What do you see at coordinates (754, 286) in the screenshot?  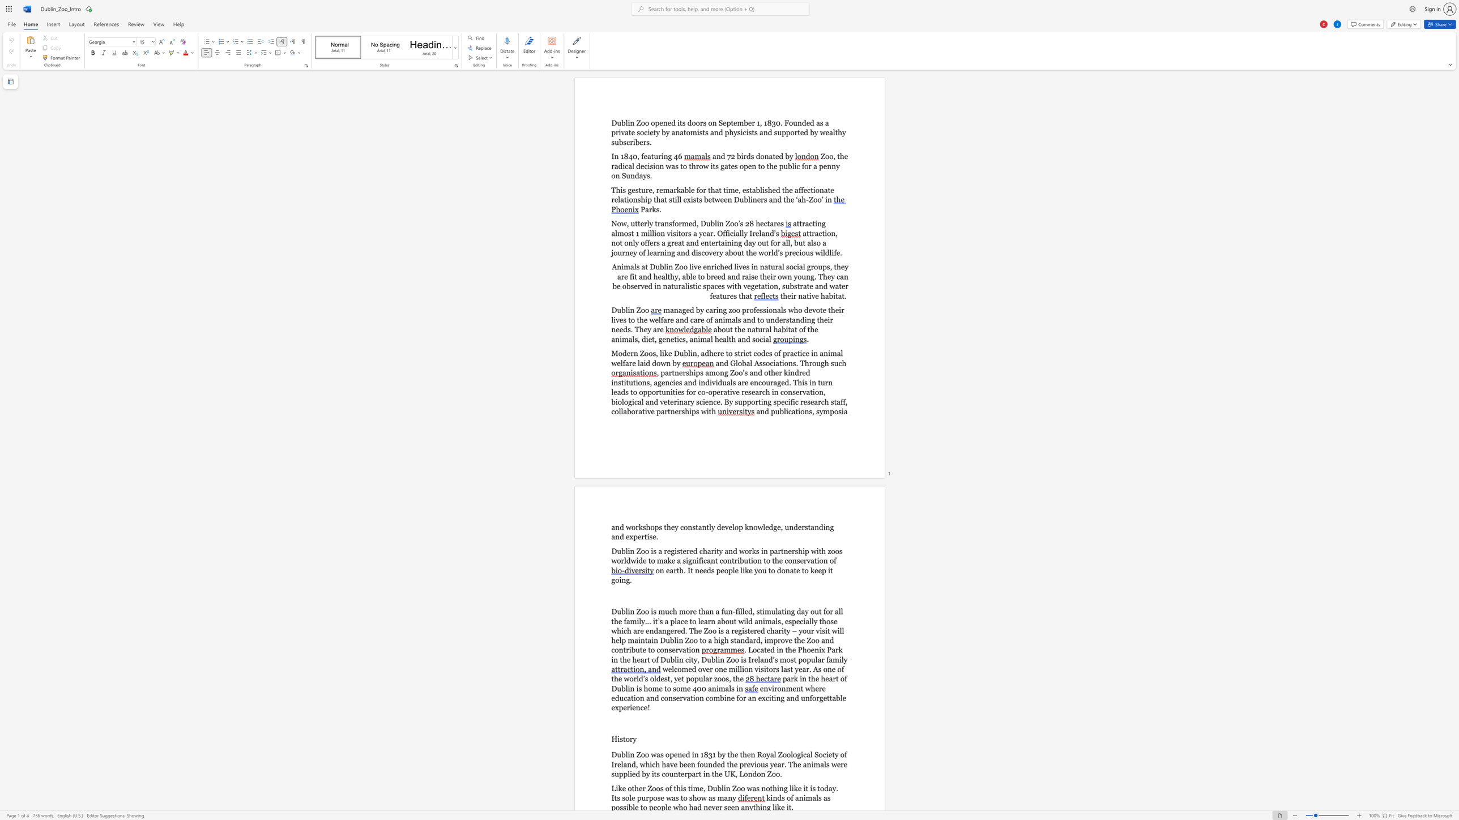 I see `the subset text "etation, substrate and water features th" within the text "in naturalistic spaces with vegetation, substrate and water features that"` at bounding box center [754, 286].